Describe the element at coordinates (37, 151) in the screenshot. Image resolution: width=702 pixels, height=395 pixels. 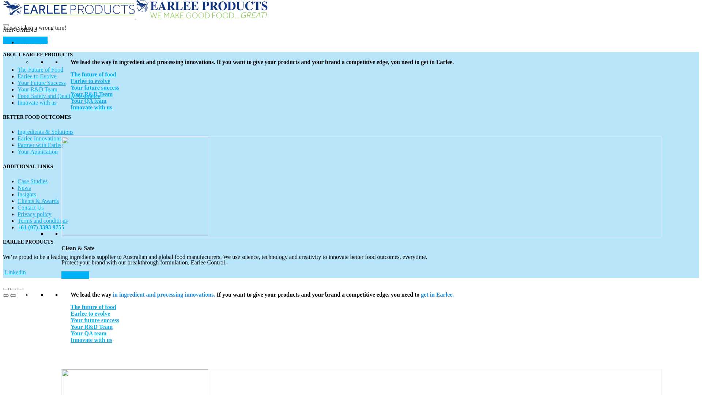
I see `'Your Application'` at that location.